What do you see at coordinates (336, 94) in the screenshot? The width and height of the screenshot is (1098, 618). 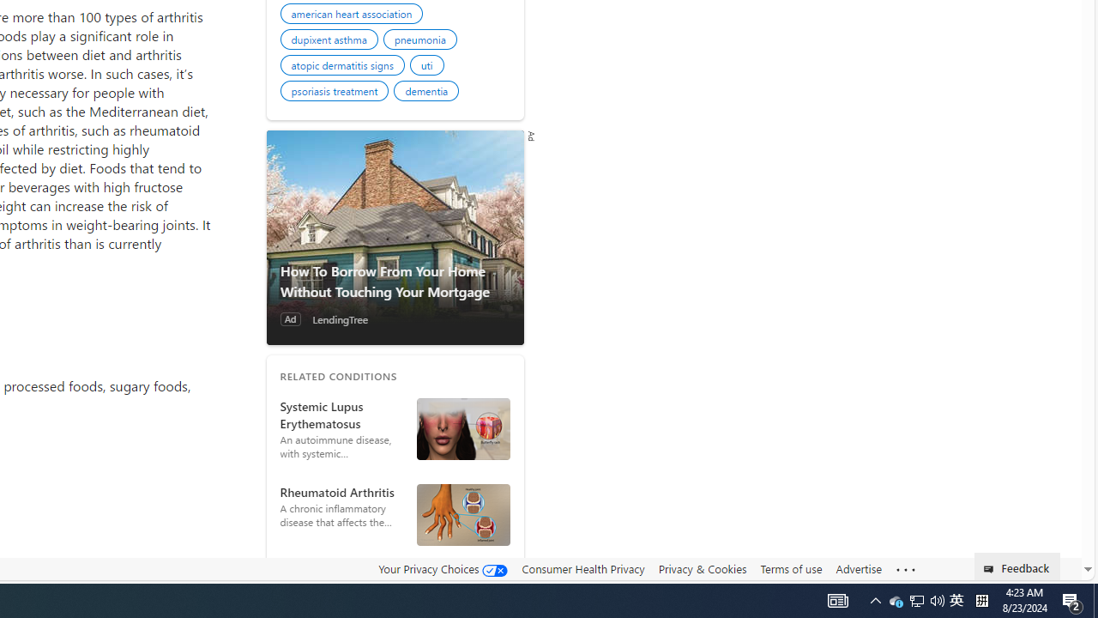 I see `'psoriasis treatment'` at bounding box center [336, 94].